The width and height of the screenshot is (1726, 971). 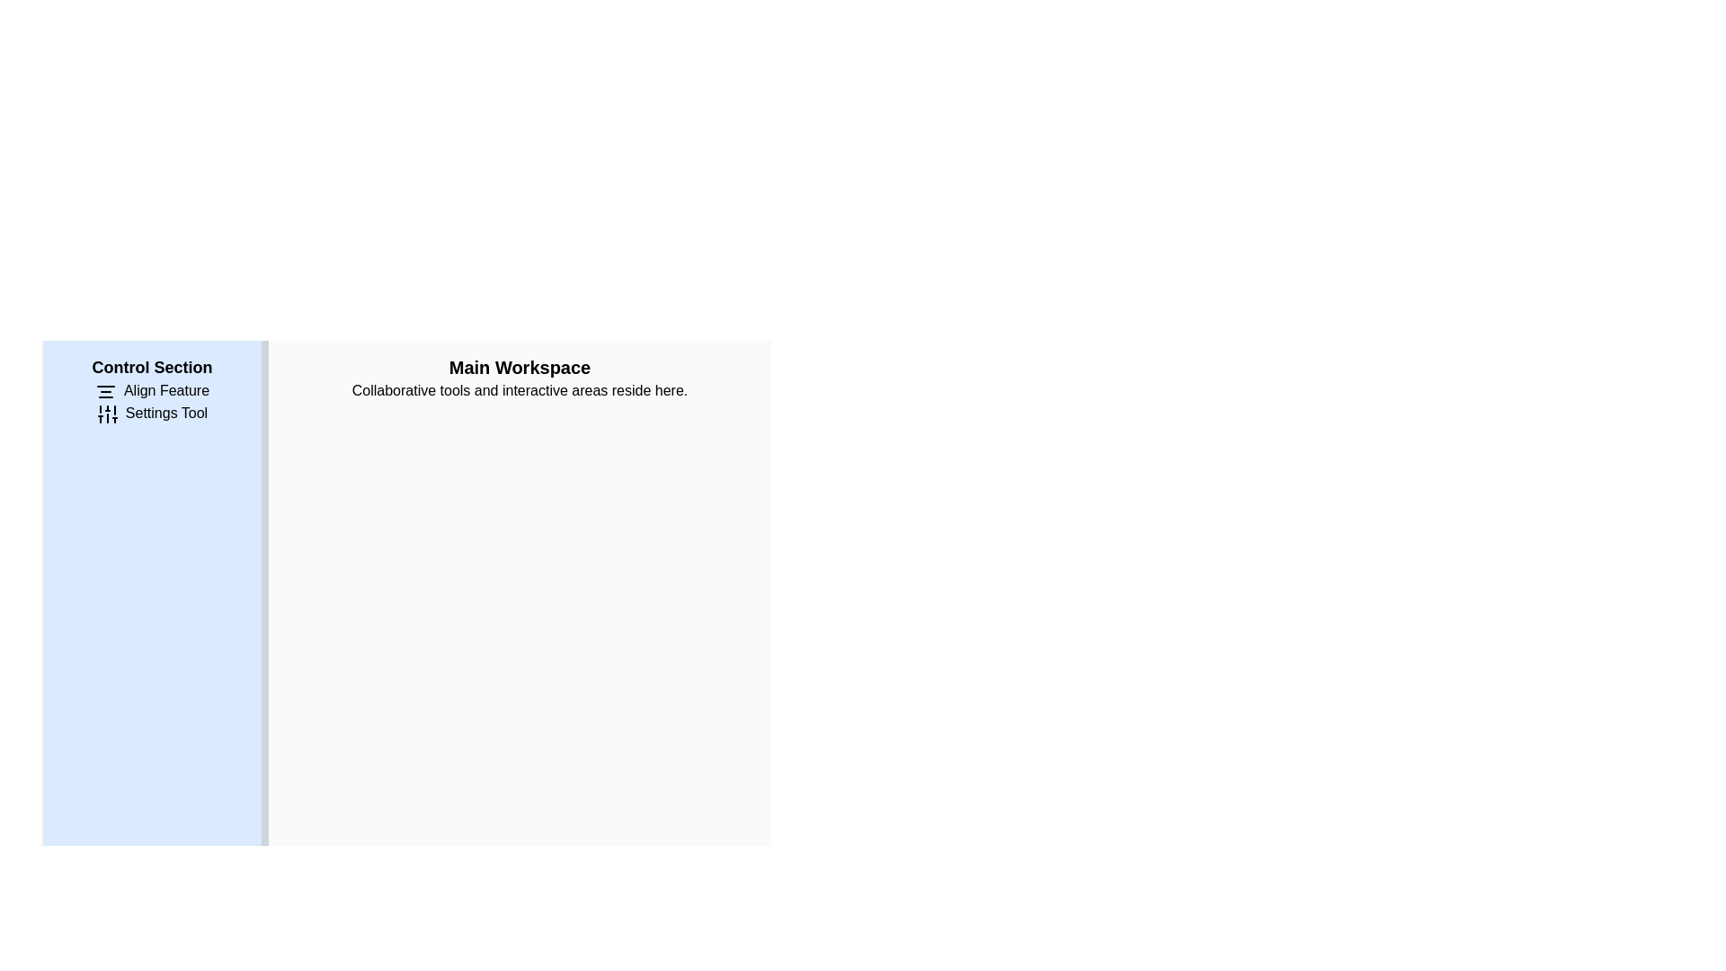 What do you see at coordinates (152, 414) in the screenshot?
I see `the 'Settings Tool' button, which features a minimalist vertical sliders icon and is the second item in the vertical stack within the 'Control Section' area` at bounding box center [152, 414].